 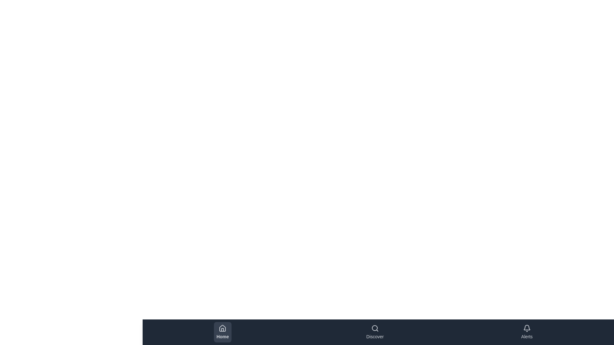 What do you see at coordinates (526, 332) in the screenshot?
I see `the Alerts tab to observe its hover effect` at bounding box center [526, 332].